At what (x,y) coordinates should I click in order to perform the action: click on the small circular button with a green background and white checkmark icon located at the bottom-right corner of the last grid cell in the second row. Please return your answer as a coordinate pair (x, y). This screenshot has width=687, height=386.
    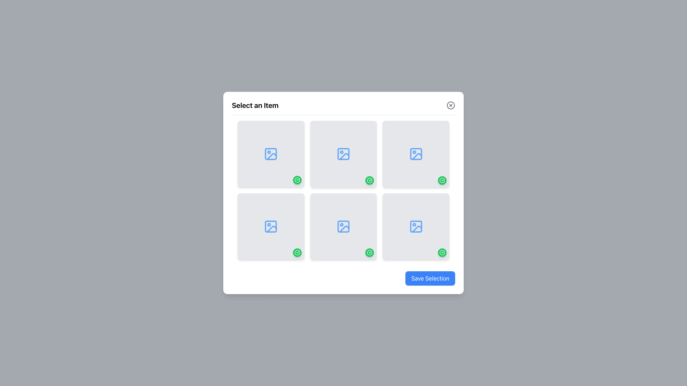
    Looking at the image, I should click on (370, 252).